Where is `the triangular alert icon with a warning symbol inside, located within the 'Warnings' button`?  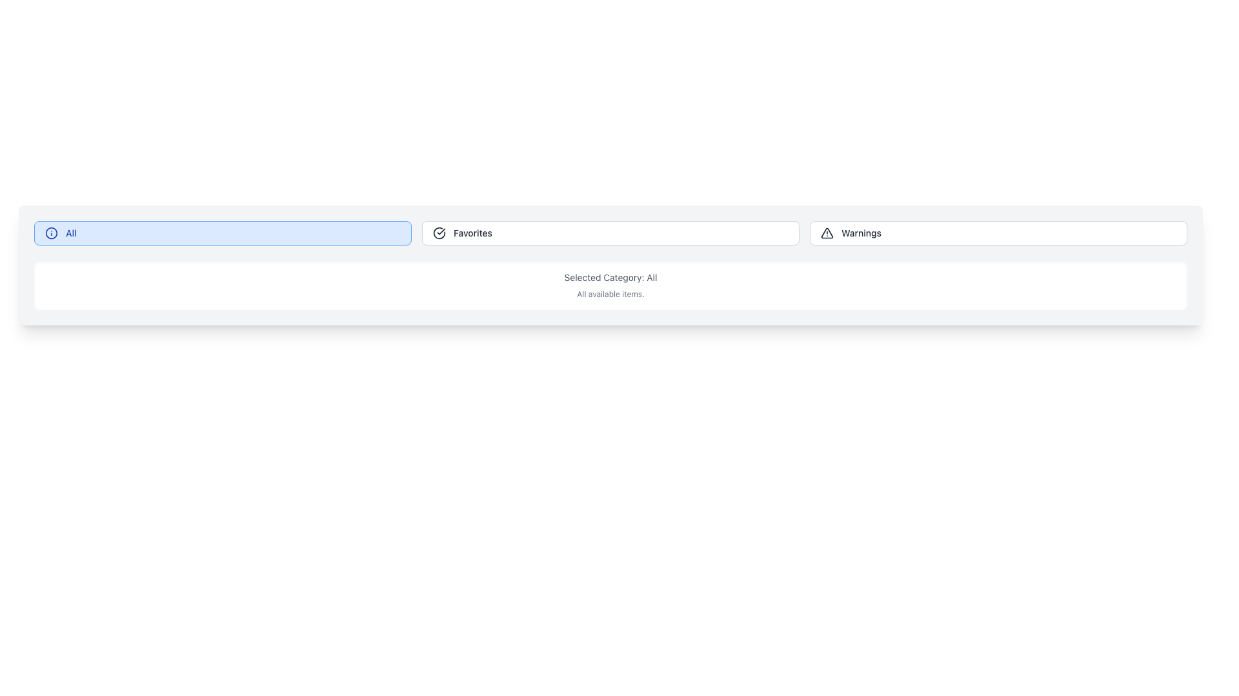
the triangular alert icon with a warning symbol inside, located within the 'Warnings' button is located at coordinates (827, 233).